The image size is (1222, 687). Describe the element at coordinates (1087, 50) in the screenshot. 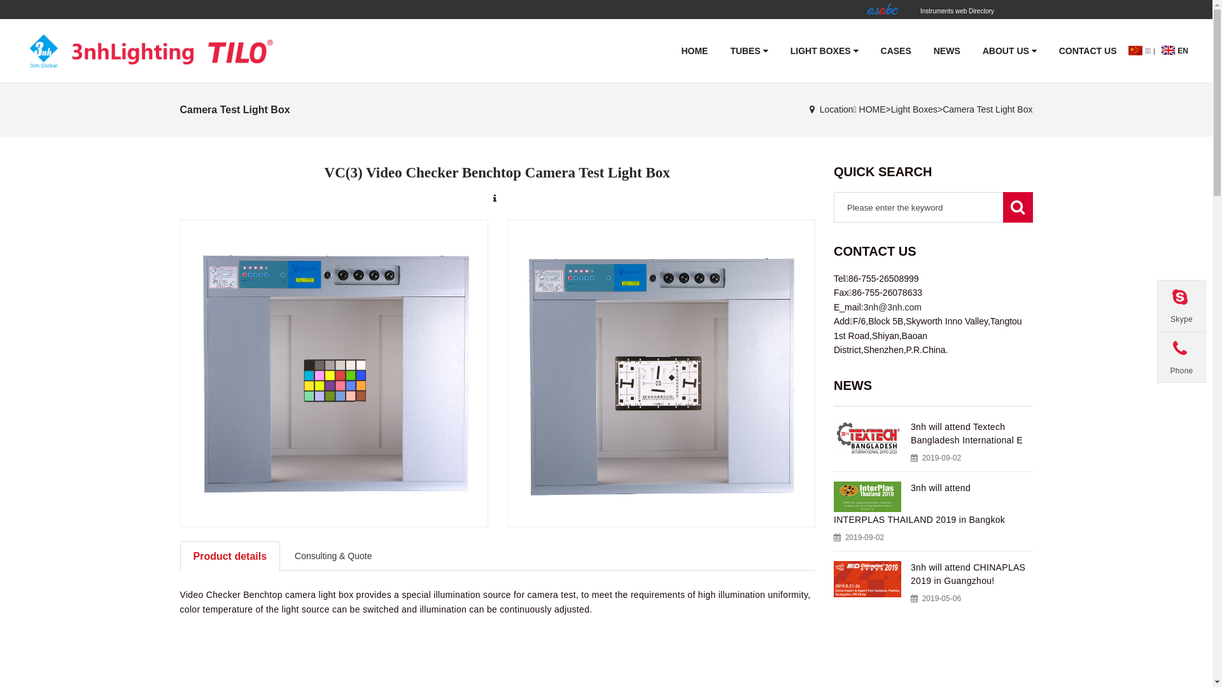

I see `'CONTACT US'` at that location.